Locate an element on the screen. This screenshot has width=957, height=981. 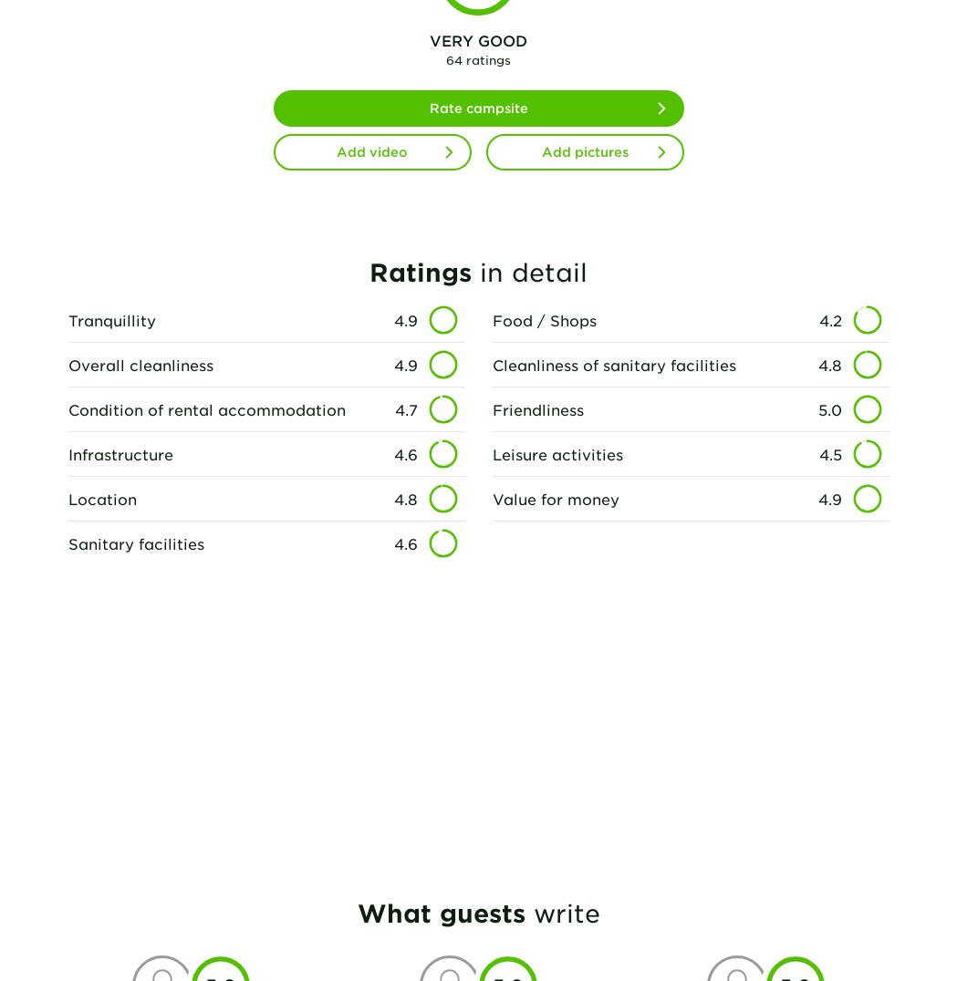
'write' is located at coordinates (561, 912).